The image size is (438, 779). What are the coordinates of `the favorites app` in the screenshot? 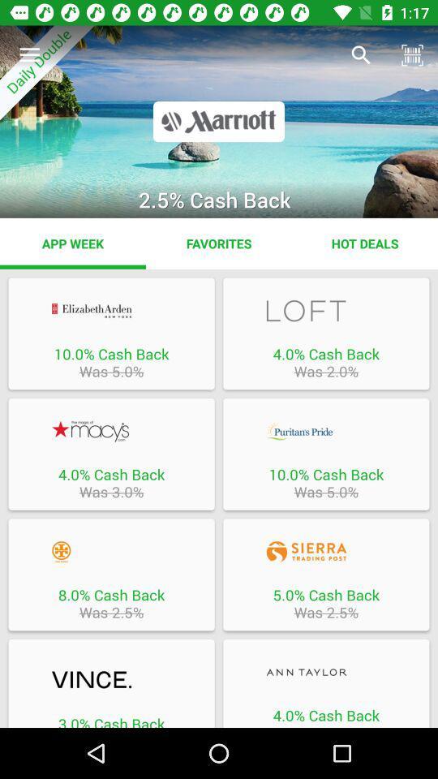 It's located at (219, 243).